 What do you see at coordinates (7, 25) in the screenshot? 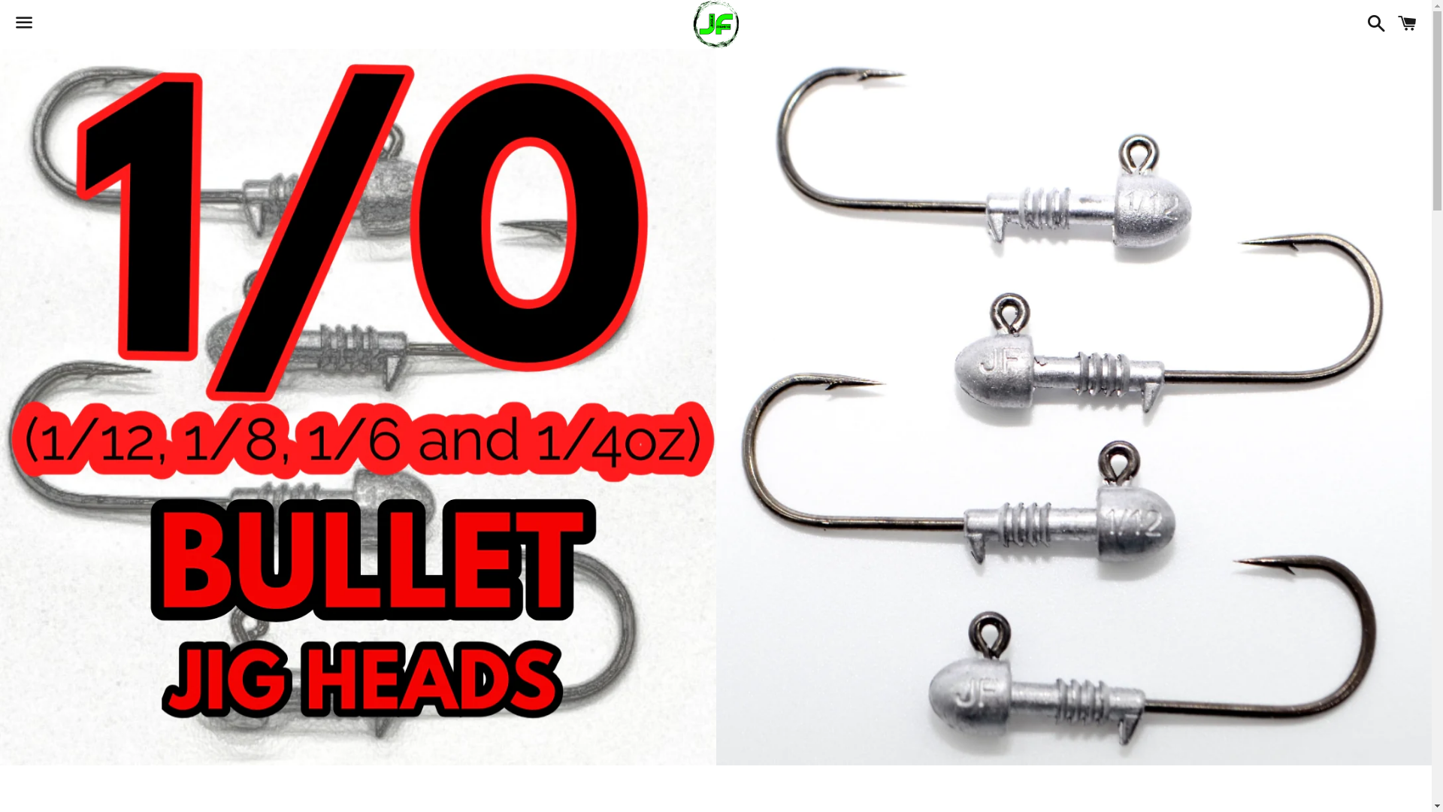
I see `'Menu'` at bounding box center [7, 25].